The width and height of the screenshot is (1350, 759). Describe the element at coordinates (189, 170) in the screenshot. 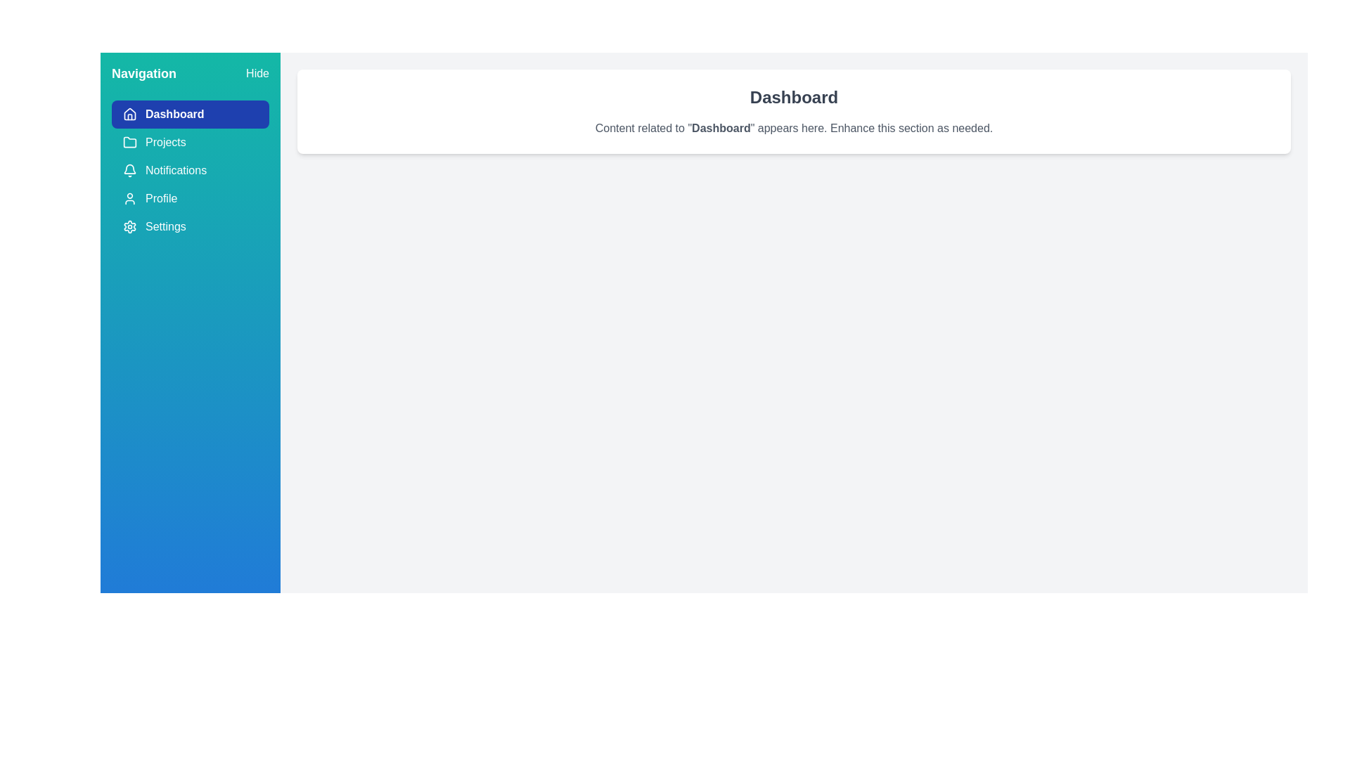

I see `the menu item Notifications from the drawer` at that location.